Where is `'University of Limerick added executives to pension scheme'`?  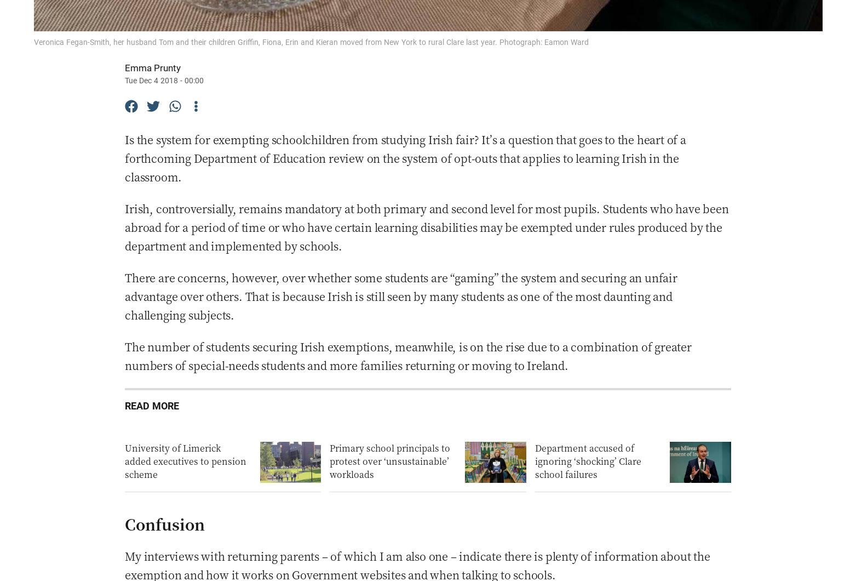
'University of Limerick added executives to pension scheme' is located at coordinates (186, 461).